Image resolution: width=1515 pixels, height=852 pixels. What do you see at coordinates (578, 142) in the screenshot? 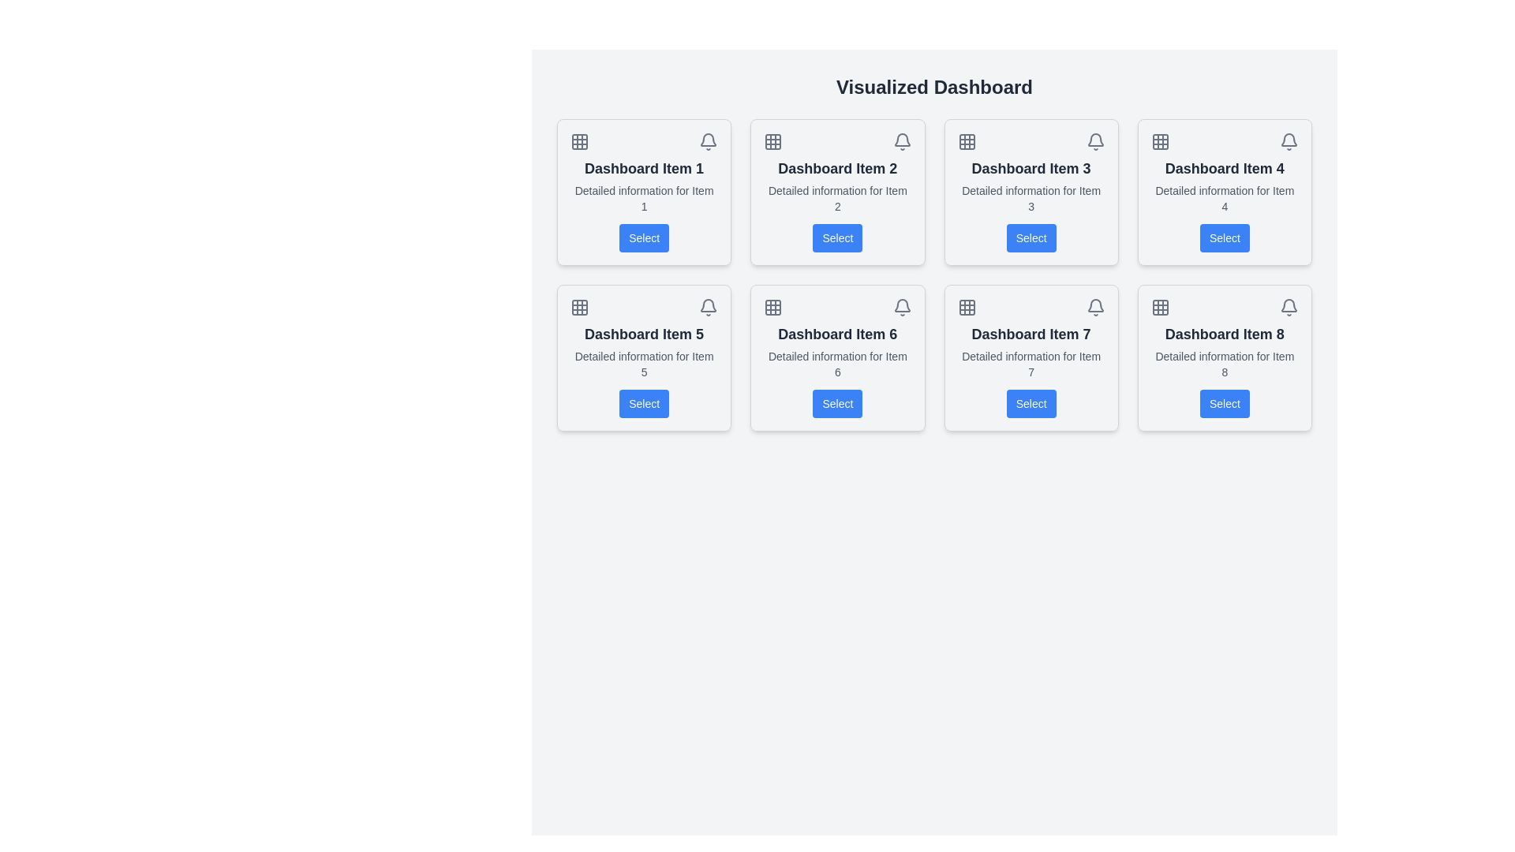
I see `the 3x3 grid icon located in the top-left corner of the 'Dashboard Item 1' card` at bounding box center [578, 142].